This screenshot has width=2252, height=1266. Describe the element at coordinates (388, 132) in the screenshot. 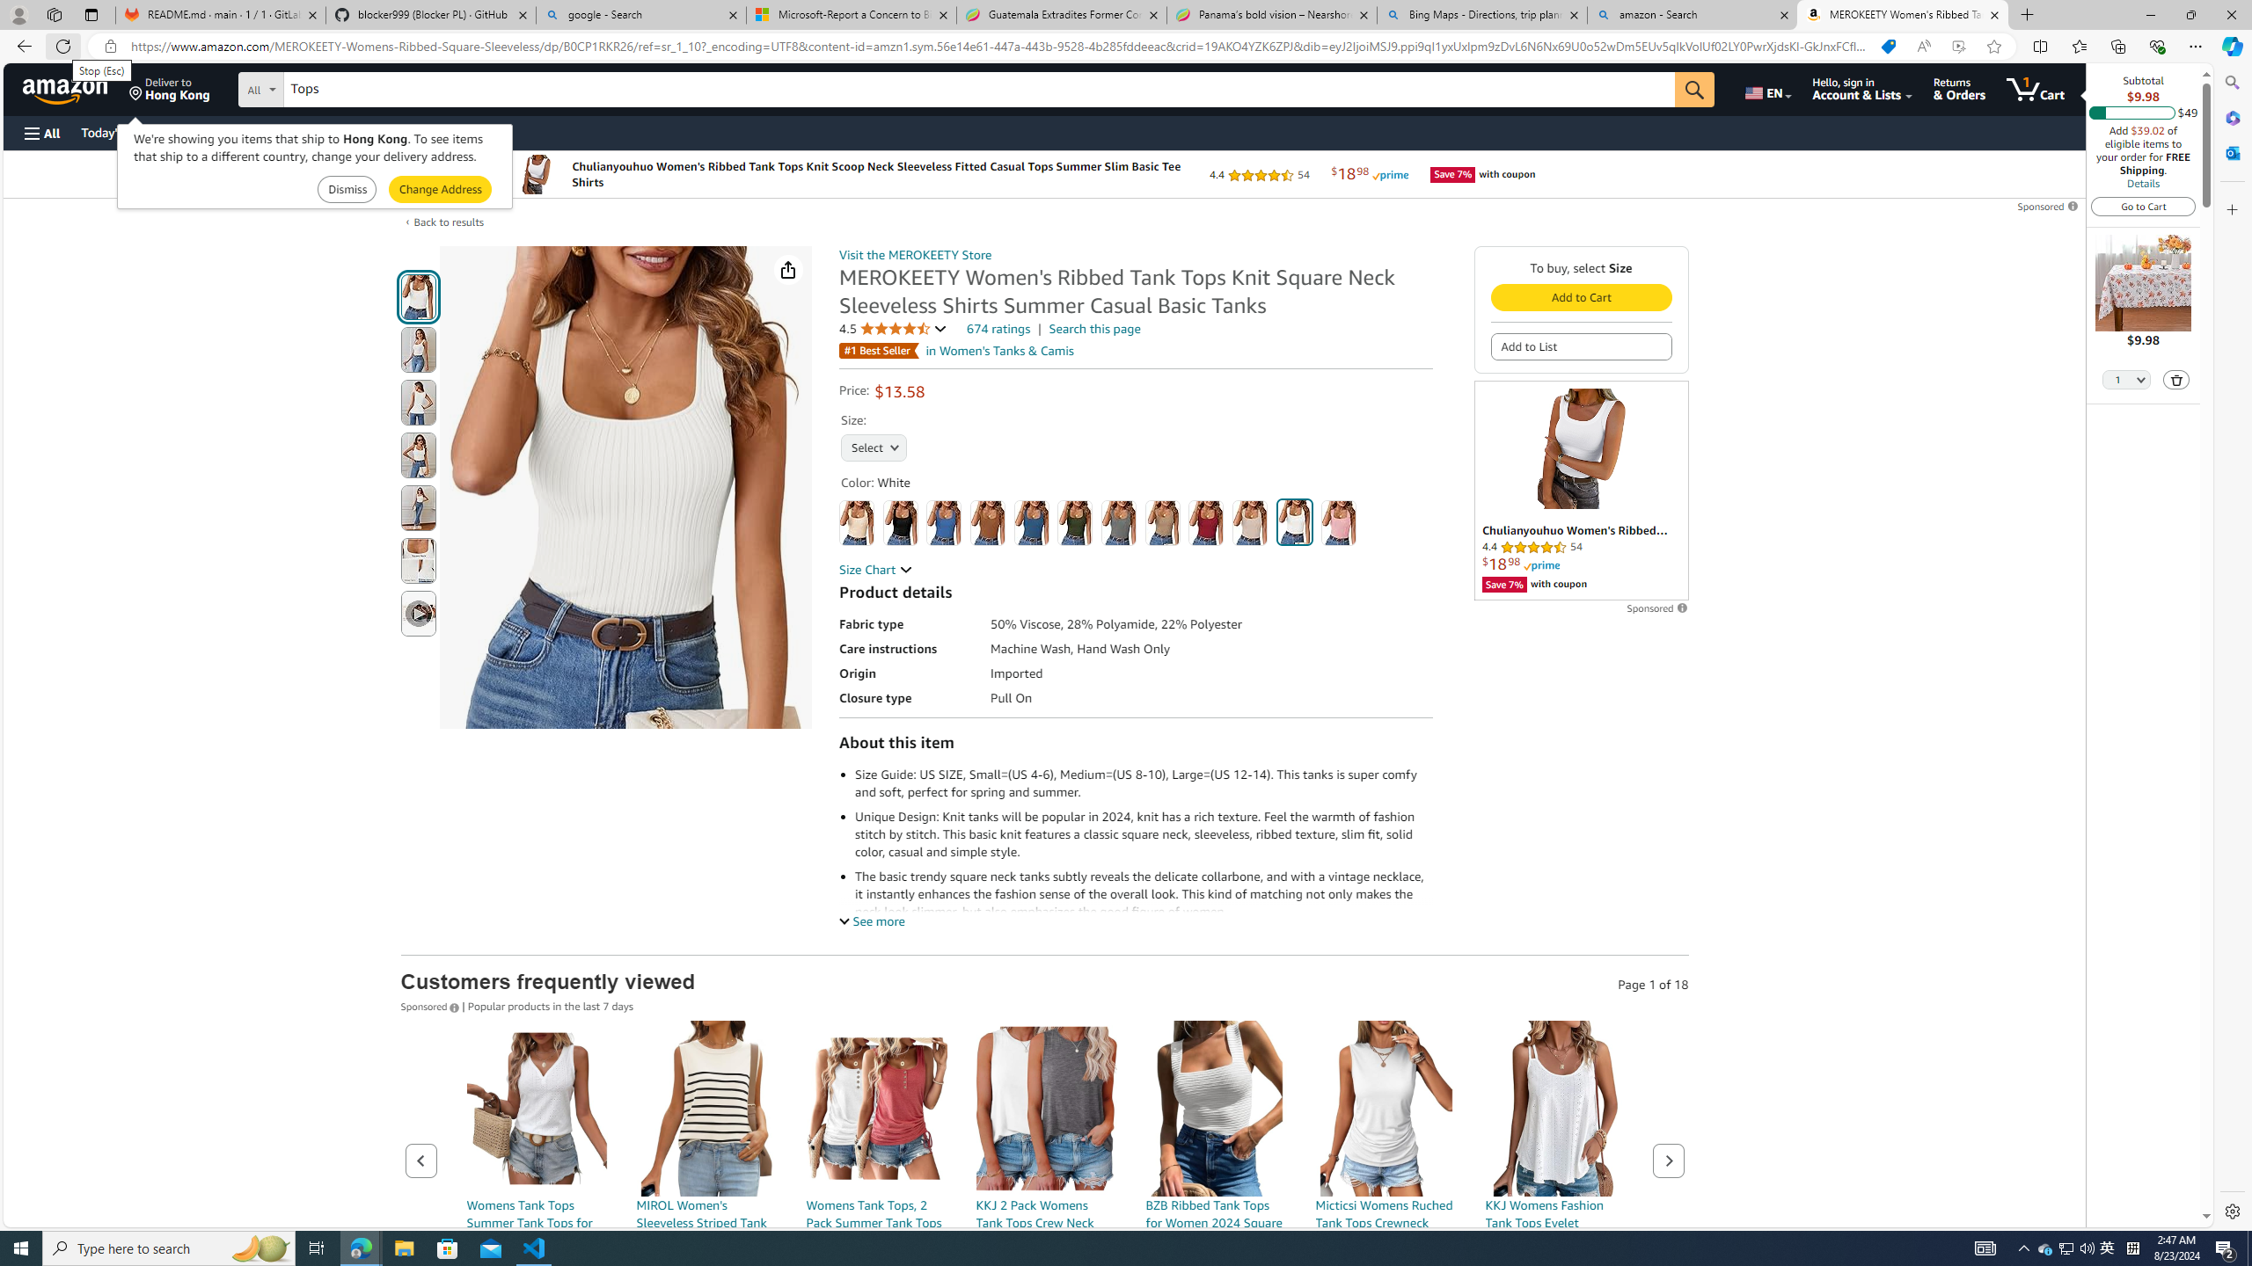

I see `'Gift Cards'` at that location.